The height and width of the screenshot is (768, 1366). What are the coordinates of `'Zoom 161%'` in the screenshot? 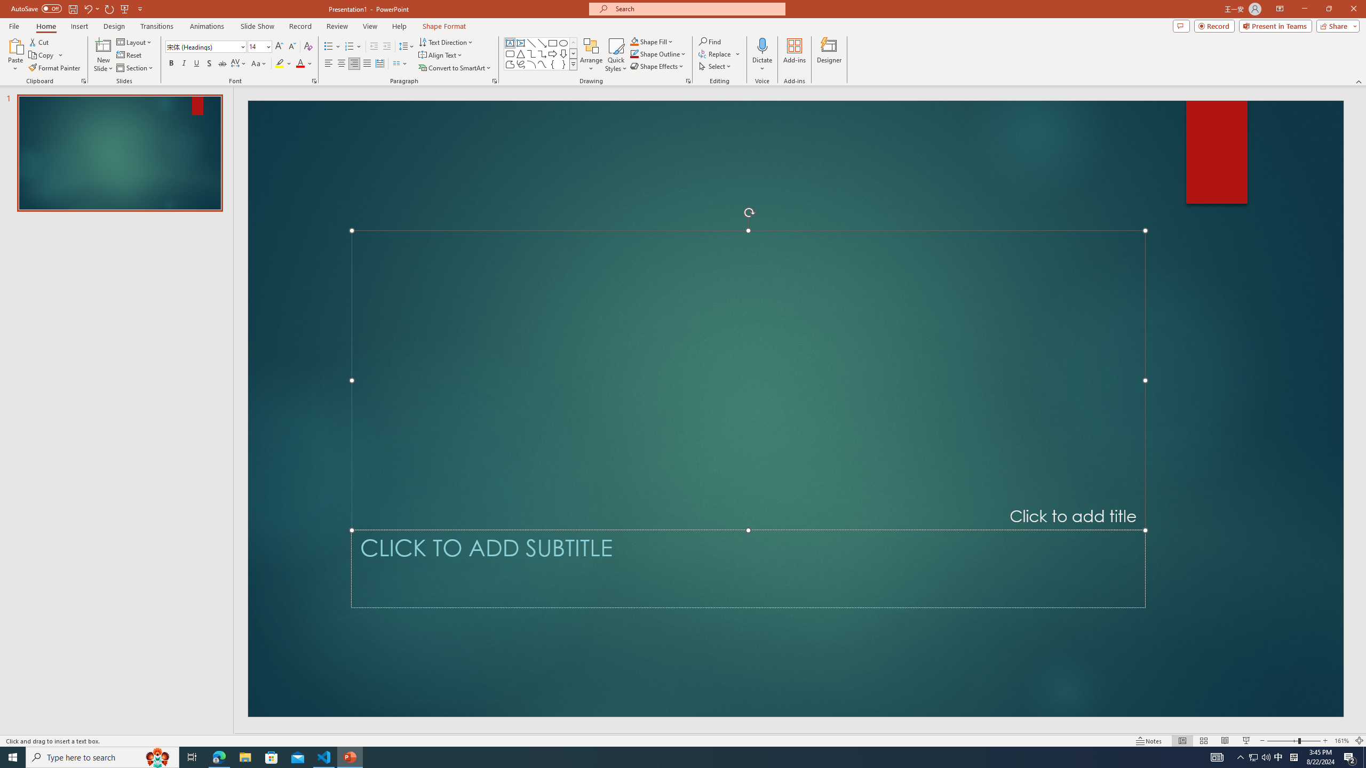 It's located at (1342, 741).